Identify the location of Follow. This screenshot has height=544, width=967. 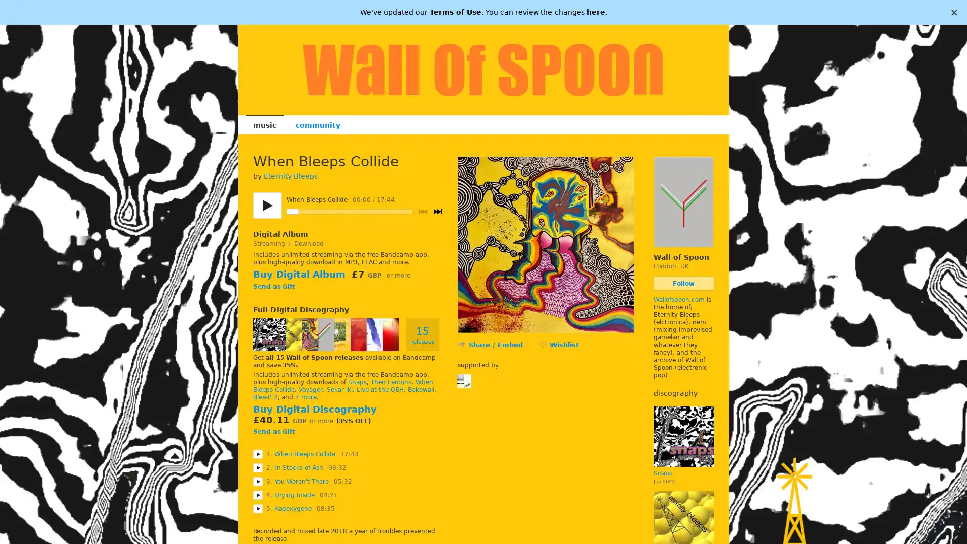
(683, 283).